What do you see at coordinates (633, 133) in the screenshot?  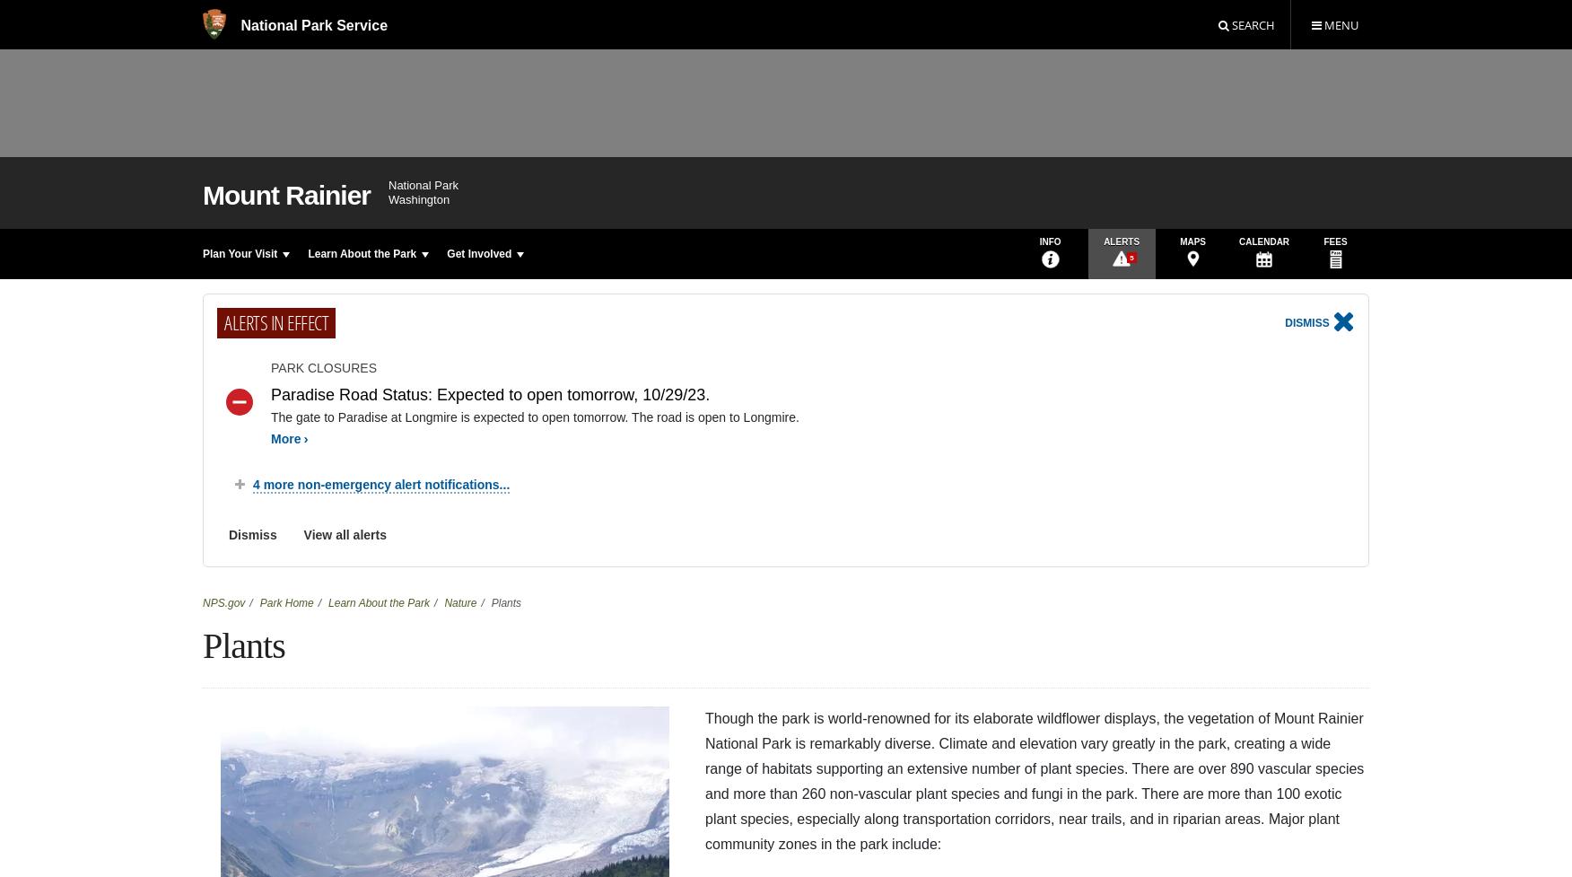 I see `'Pojar, Jim and Andy MacKinnon. "Revised Plants of the Pacific Northwest Coast." Vancouver: Lone Pine Publishing, 1994, revised 2004.'` at bounding box center [633, 133].